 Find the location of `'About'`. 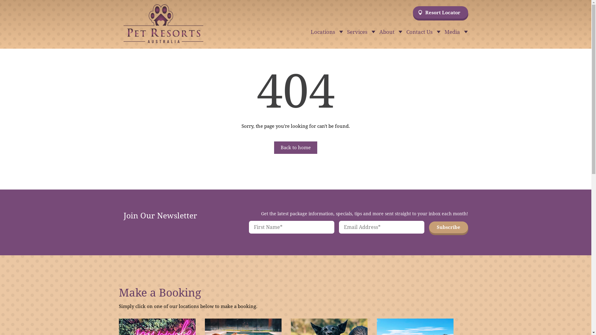

'About' is located at coordinates (389, 32).